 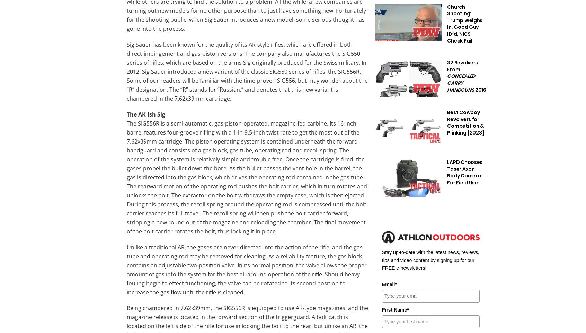 What do you see at coordinates (146, 114) in the screenshot?
I see `'The AK-ish Sig'` at bounding box center [146, 114].